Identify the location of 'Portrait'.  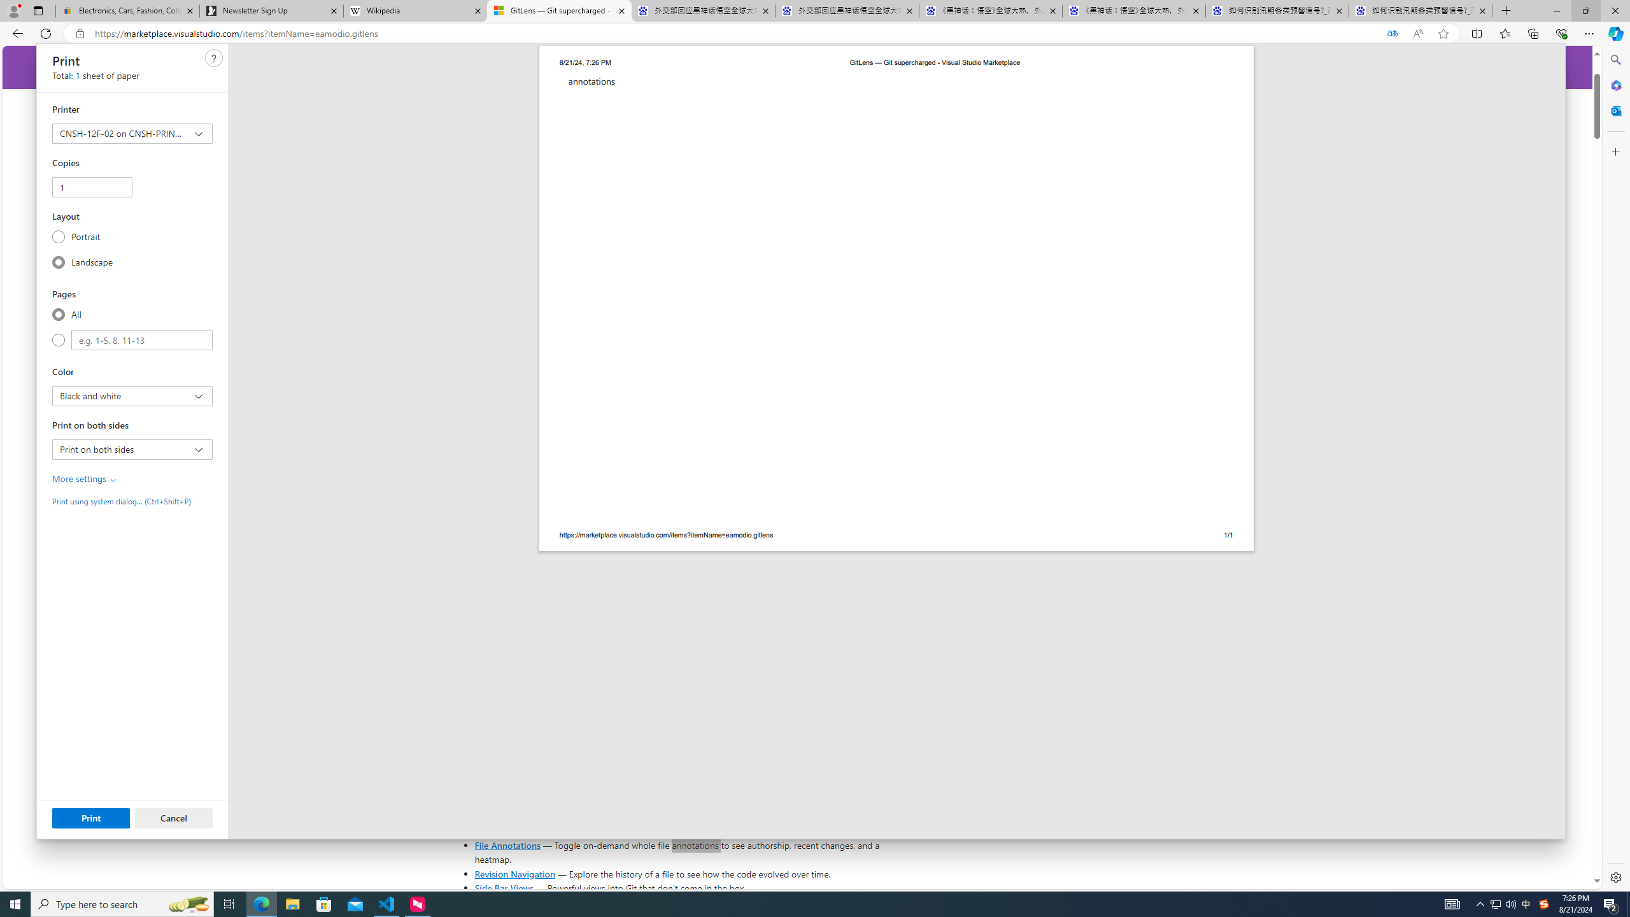
(58, 236).